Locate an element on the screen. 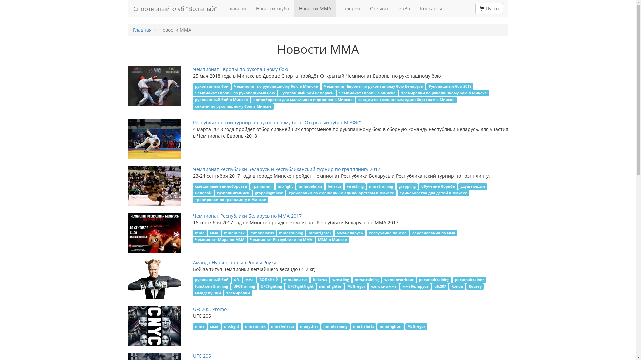 The height and width of the screenshot is (360, 641). 'Rousey' is located at coordinates (474, 286).